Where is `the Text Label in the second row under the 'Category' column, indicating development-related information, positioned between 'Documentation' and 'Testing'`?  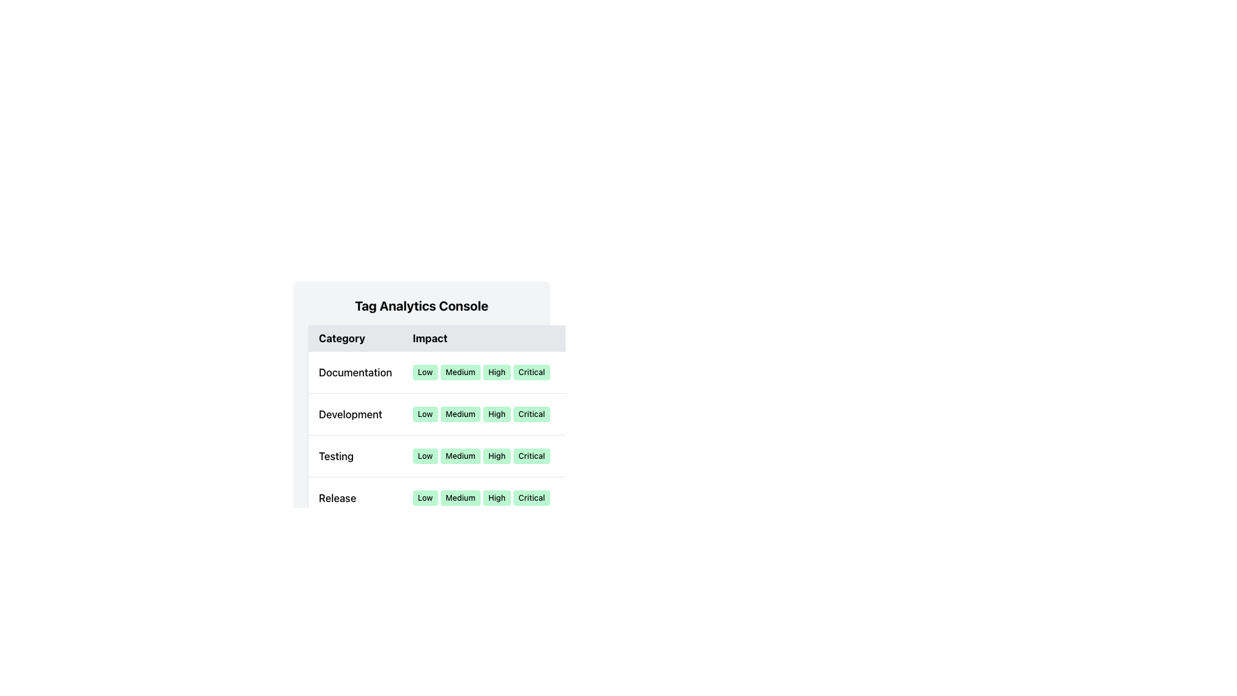 the Text Label in the second row under the 'Category' column, indicating development-related information, positioned between 'Documentation' and 'Testing' is located at coordinates (355, 414).